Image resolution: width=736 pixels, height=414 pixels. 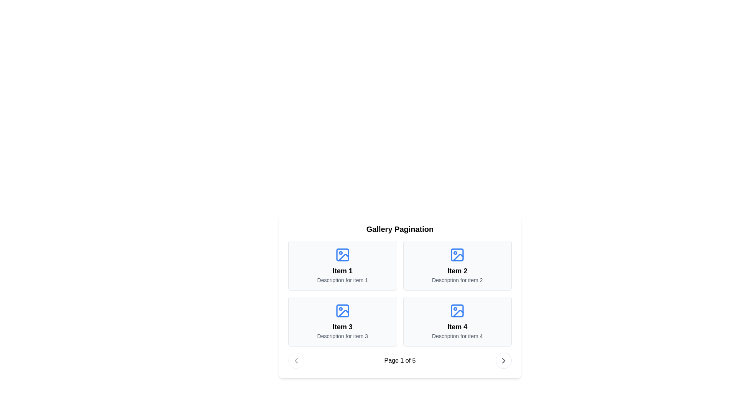 I want to click on the text label displaying 'Page 1 of 5' in the pagination section of the interface, positioned between the left and right navigational buttons, so click(x=399, y=361).